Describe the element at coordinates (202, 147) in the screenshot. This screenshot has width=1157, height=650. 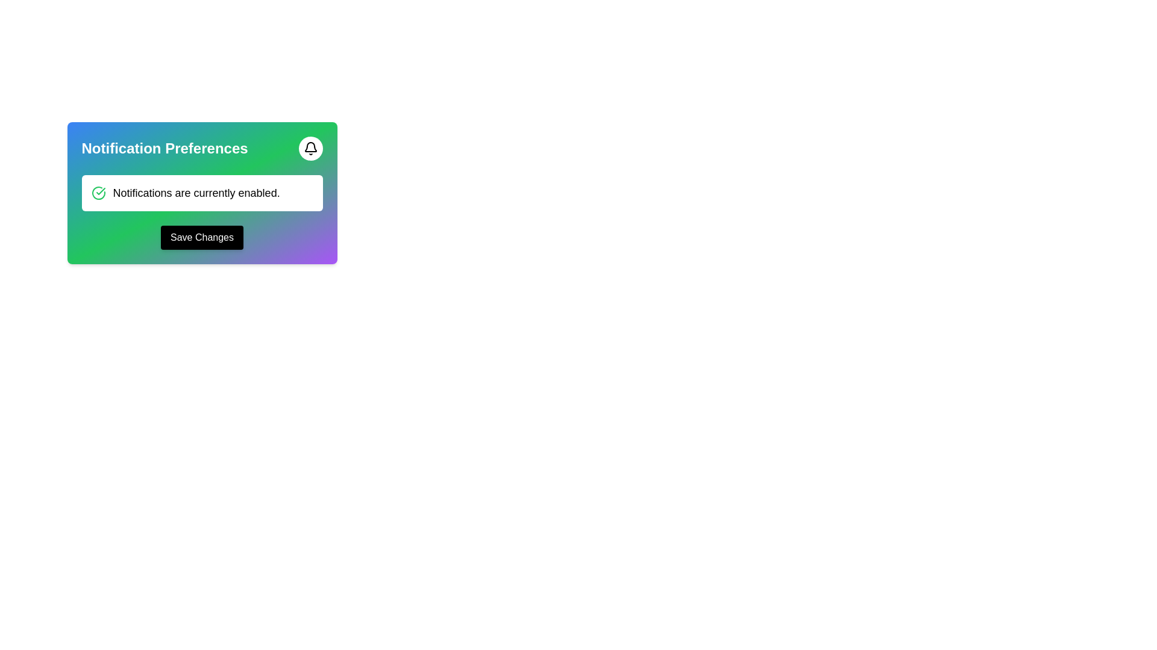
I see `text content of the header indicating notification preferences, which is styled decoratively and positioned at the top of the card` at that location.